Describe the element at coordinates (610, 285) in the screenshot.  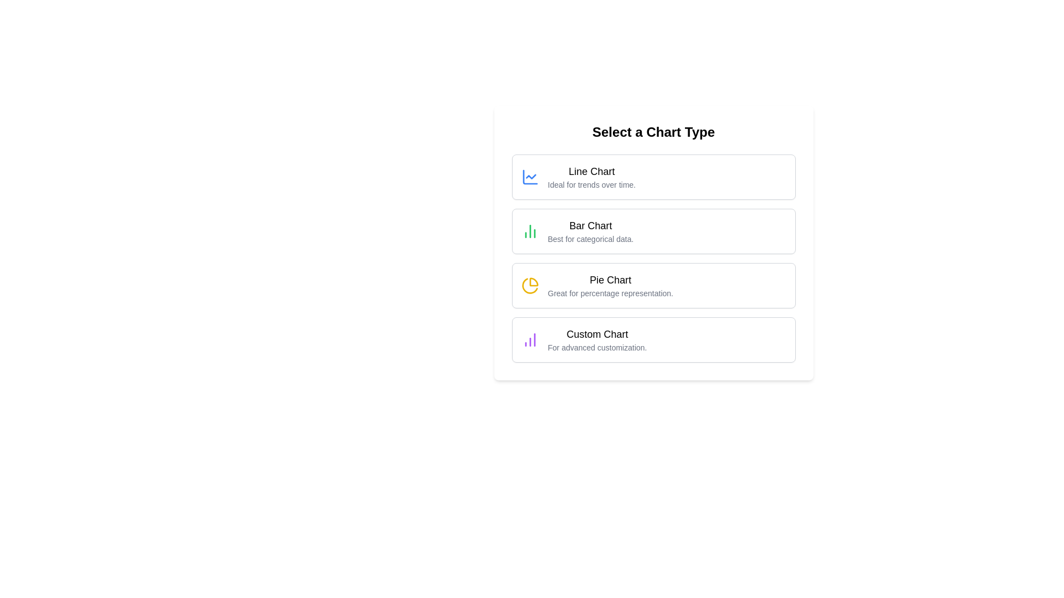
I see `the 'Pie Chart' text label within the selectable card interface` at that location.